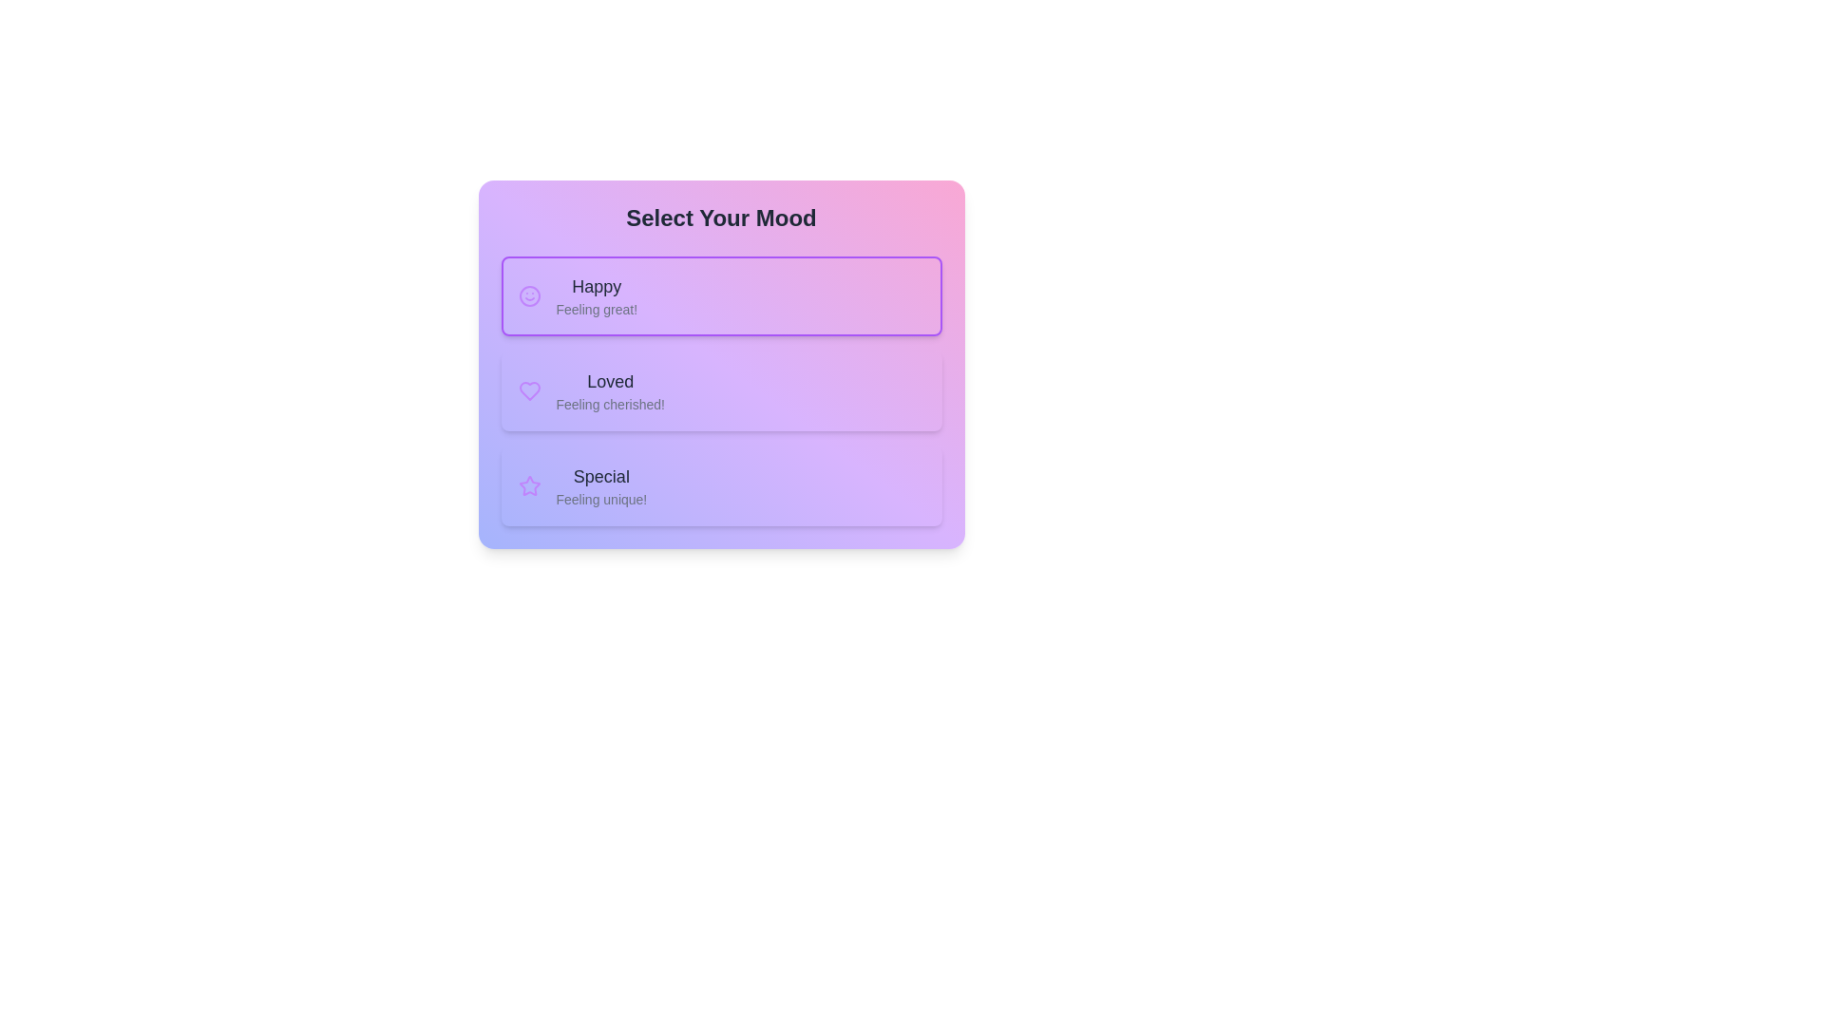  What do you see at coordinates (610, 403) in the screenshot?
I see `the Text Label that provides additional context to the 'Loved' option, which is located below the main 'Loved' text in the box` at bounding box center [610, 403].